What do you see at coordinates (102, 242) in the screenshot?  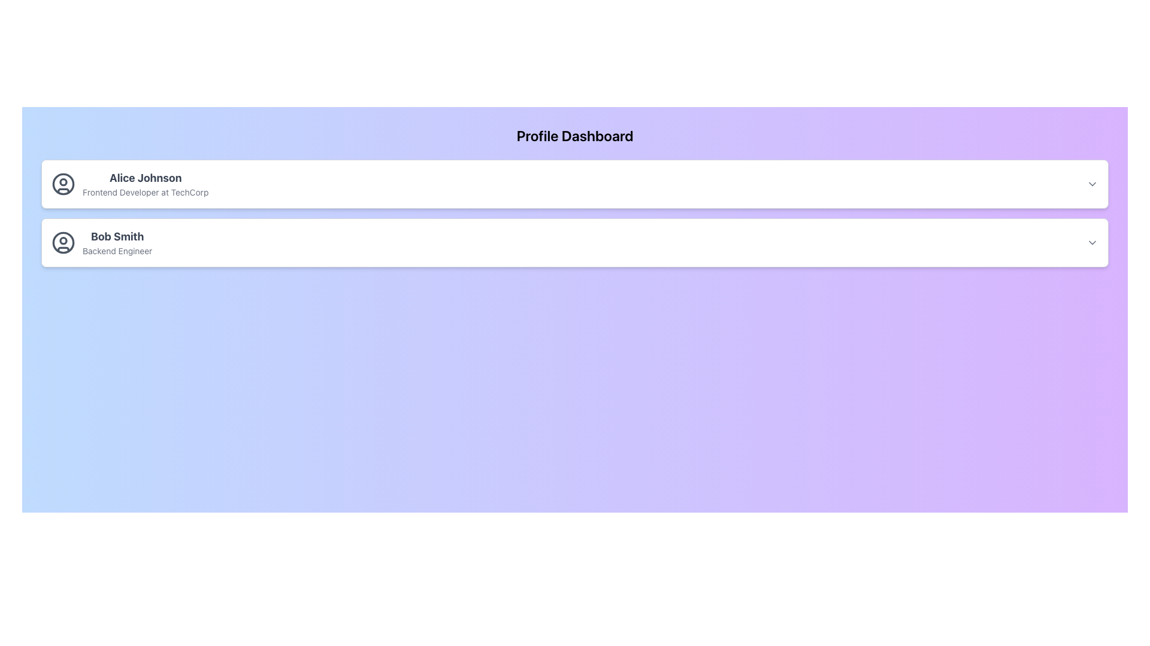 I see `the Profile Summary Item for Bob Smith` at bounding box center [102, 242].